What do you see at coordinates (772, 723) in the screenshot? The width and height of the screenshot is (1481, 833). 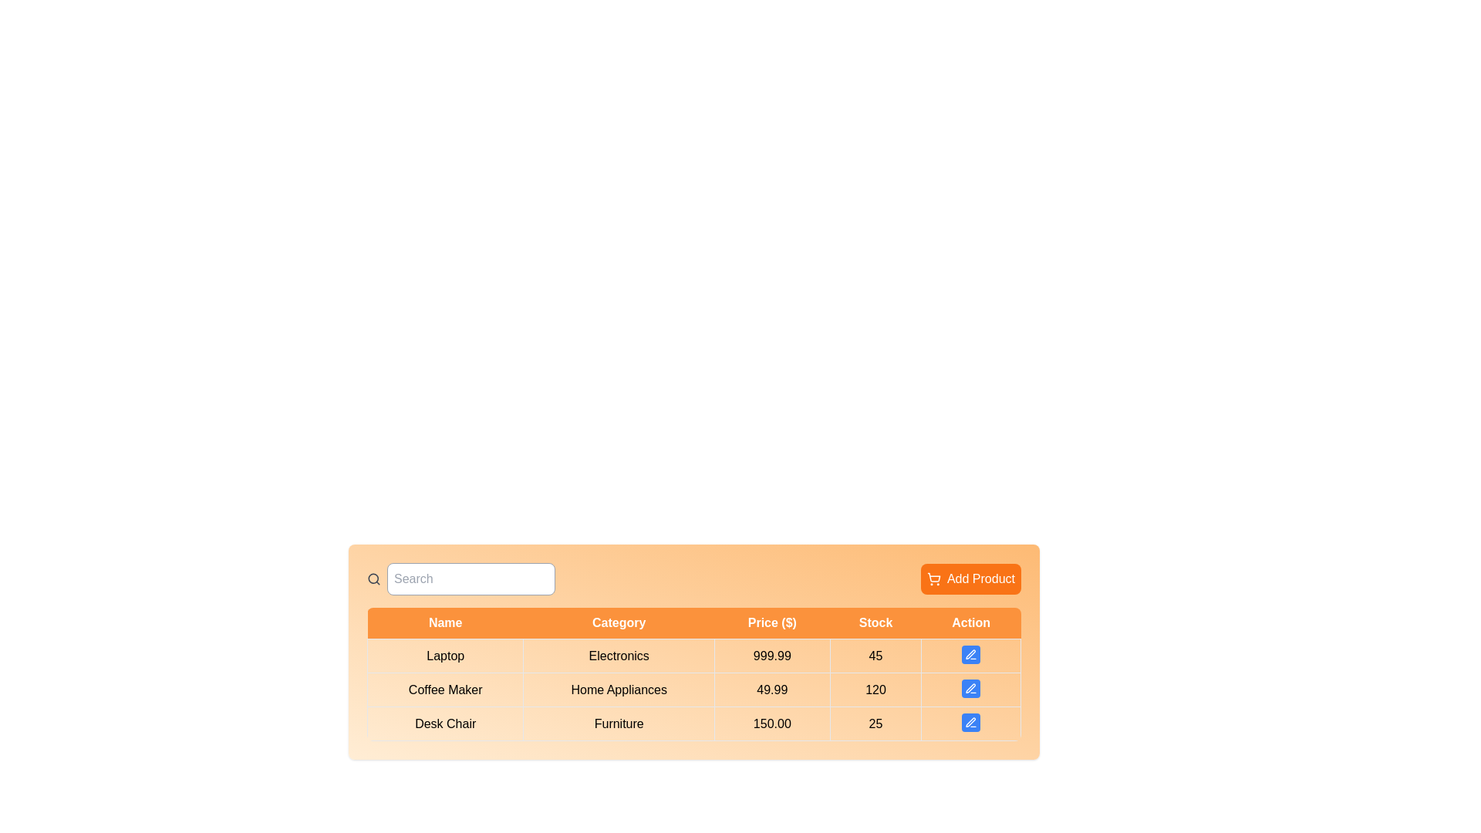 I see `the table cell displaying the price '$150.00' for the item 'Desk Chair' located in the third row under the 'Price ($)' header` at bounding box center [772, 723].